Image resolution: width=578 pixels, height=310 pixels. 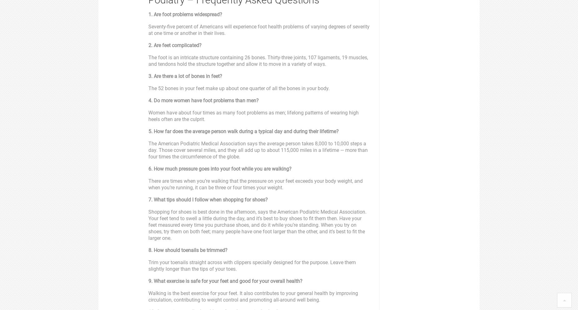 What do you see at coordinates (208, 200) in the screenshot?
I see `'7. What tips should I follow when shopping for shoes?'` at bounding box center [208, 200].